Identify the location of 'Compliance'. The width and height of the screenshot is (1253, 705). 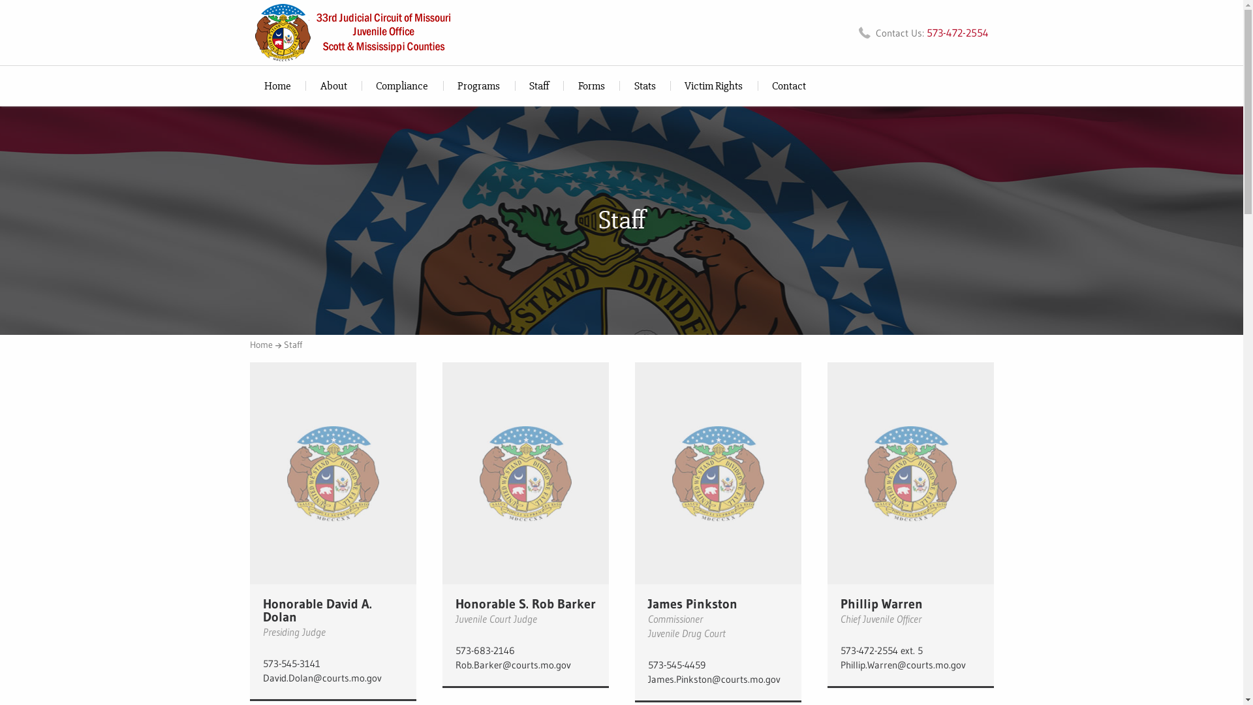
(401, 86).